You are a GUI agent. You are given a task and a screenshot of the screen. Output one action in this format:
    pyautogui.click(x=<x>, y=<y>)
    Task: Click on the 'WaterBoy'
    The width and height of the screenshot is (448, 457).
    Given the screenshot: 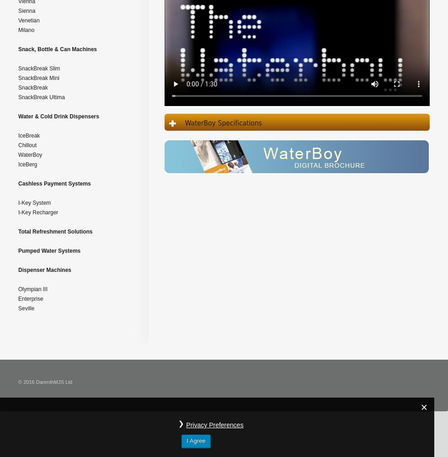 What is the action you would take?
    pyautogui.click(x=30, y=154)
    